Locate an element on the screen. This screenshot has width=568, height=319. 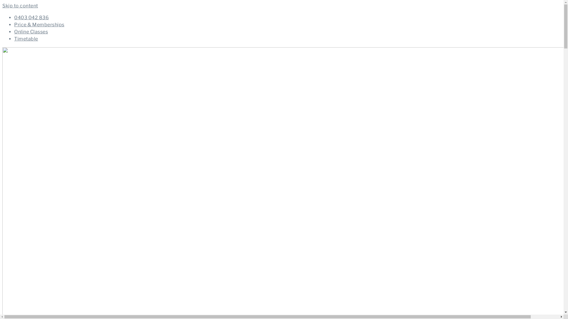
'Price & Memberships' is located at coordinates (14, 24).